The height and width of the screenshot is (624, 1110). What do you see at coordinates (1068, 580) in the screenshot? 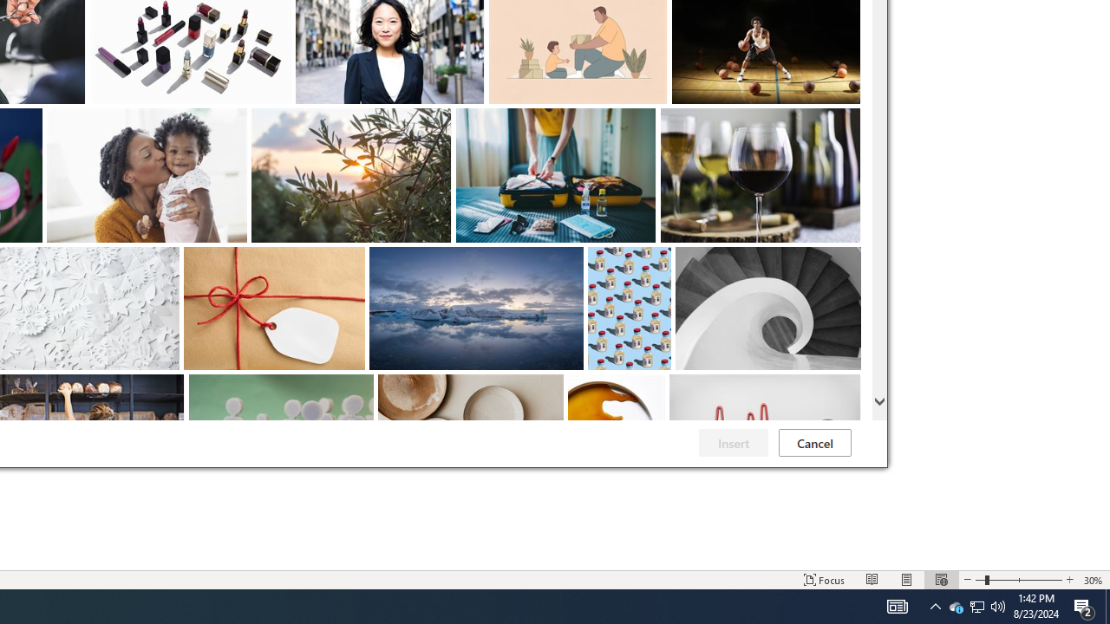
I see `'Zoom In'` at bounding box center [1068, 580].